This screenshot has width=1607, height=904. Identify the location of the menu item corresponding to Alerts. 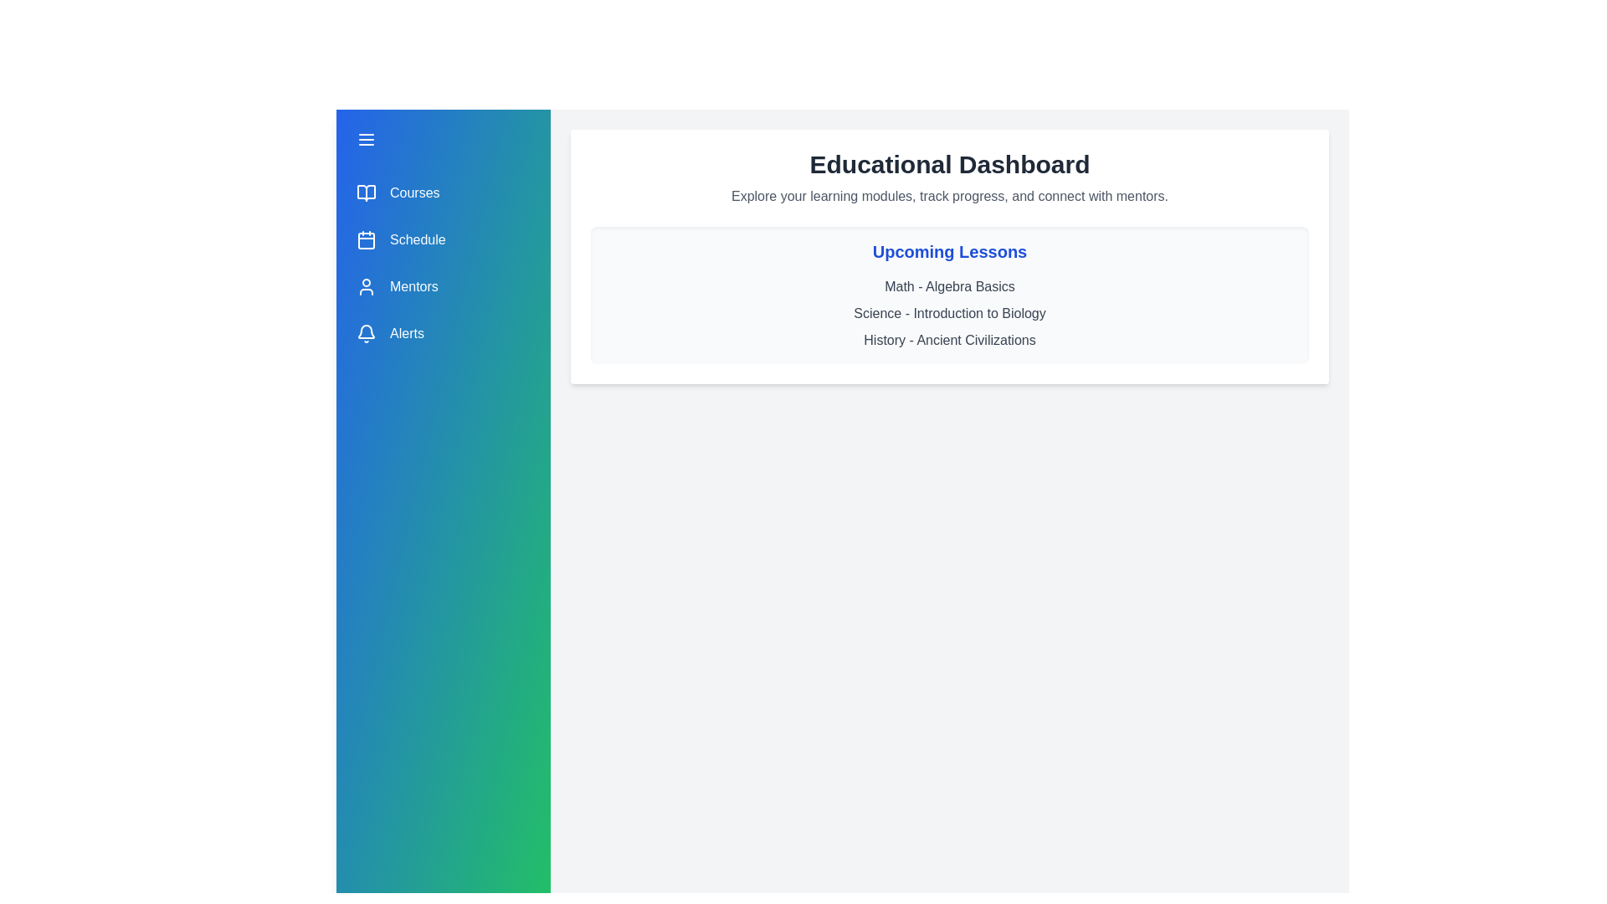
(443, 333).